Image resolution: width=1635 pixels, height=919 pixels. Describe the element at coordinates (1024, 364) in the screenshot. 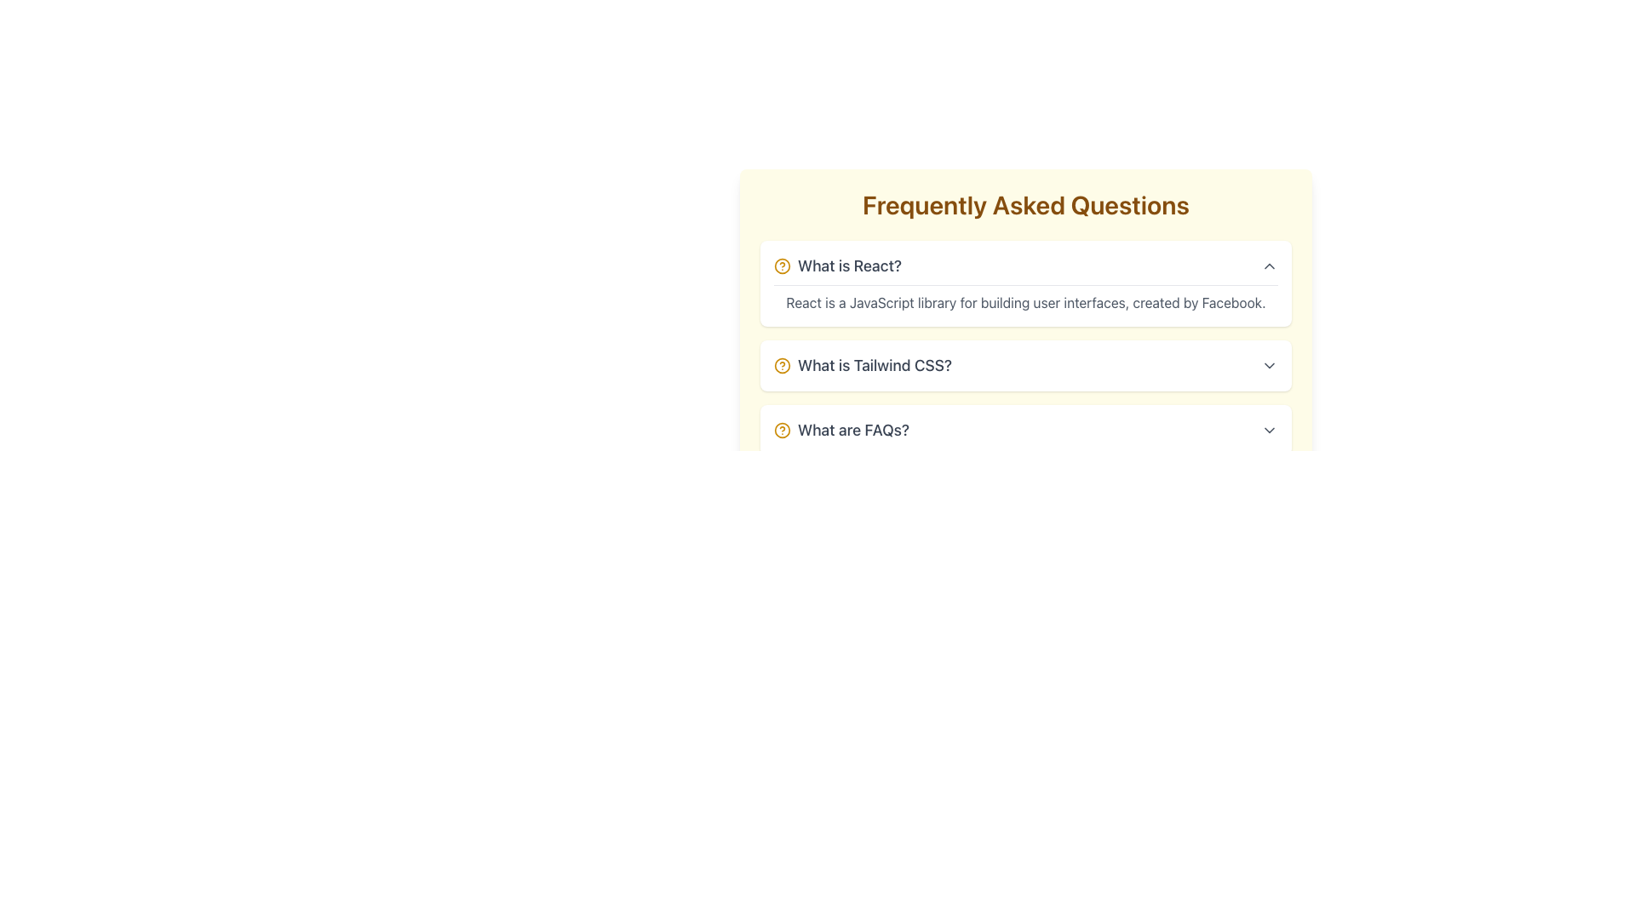

I see `the Accordion Header displaying 'What is Tailwind CSS?' to enable keyboard navigation` at that location.